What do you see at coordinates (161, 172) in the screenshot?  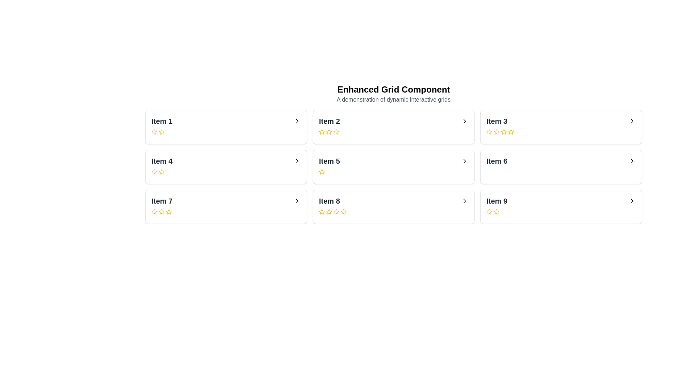 I see `the third star icon in the rating component for Item 4` at bounding box center [161, 172].